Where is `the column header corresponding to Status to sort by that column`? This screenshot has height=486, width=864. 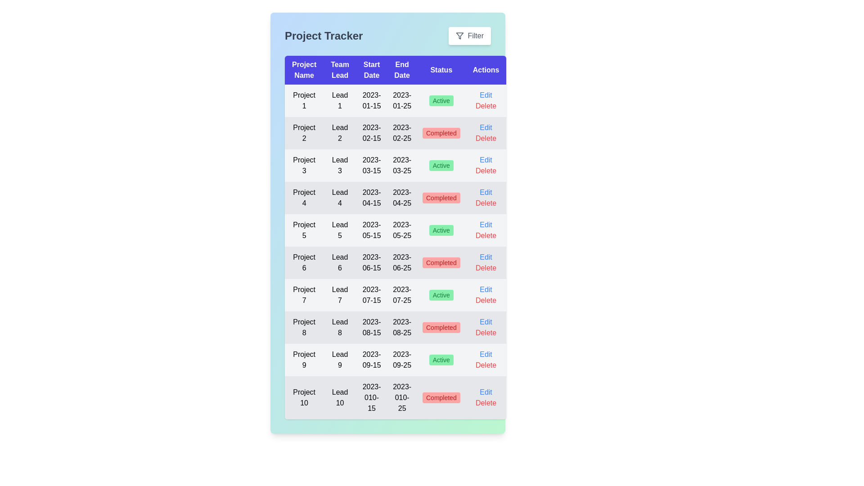
the column header corresponding to Status to sort by that column is located at coordinates (441, 69).